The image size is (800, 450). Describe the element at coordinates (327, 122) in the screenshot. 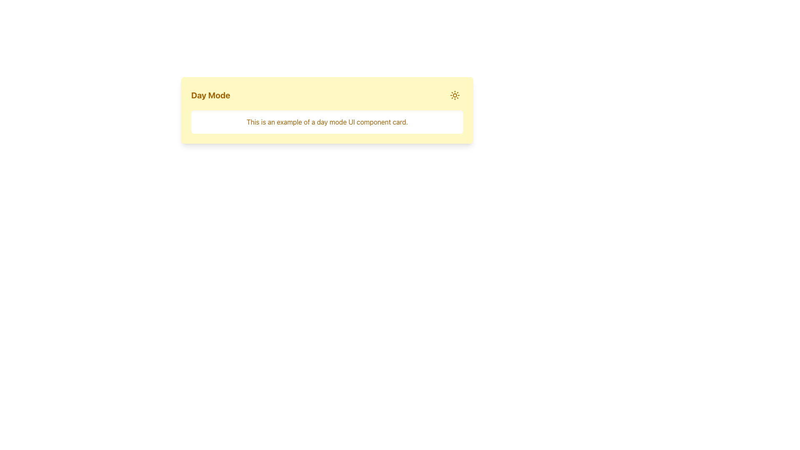

I see `text of the Static Informational Text element located below the 'Day Mode' heading within the card that has a yellow background` at that location.